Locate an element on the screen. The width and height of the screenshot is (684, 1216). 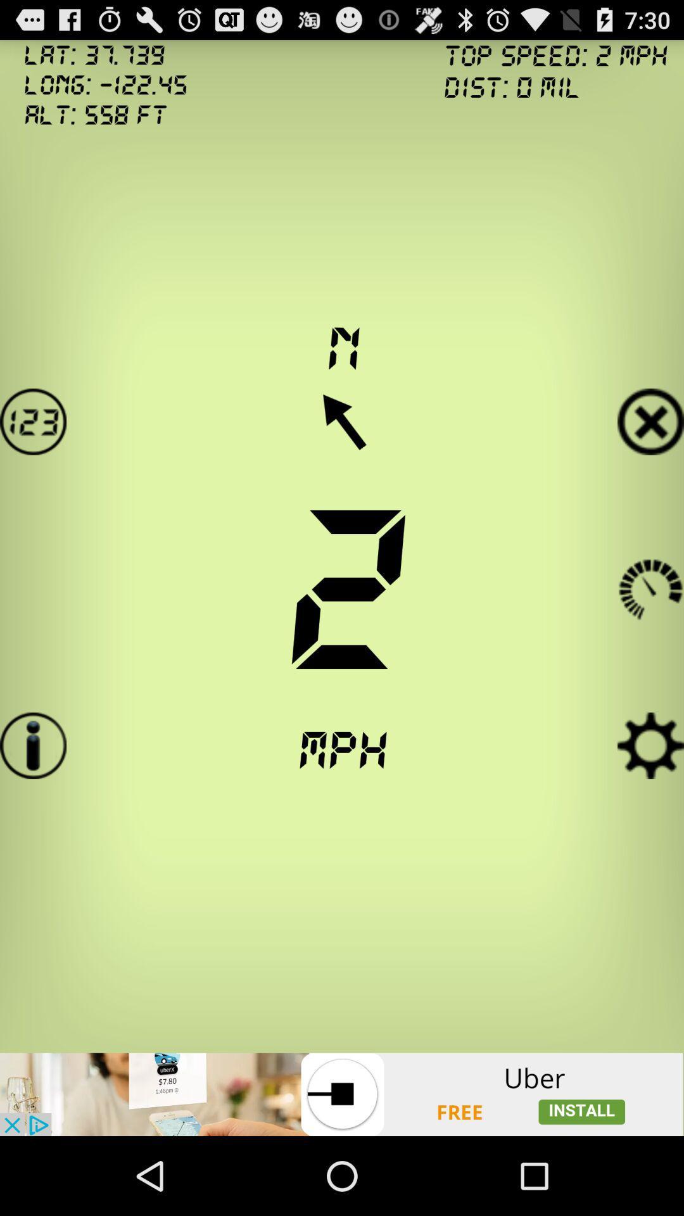
app advertisement is located at coordinates (342, 1094).